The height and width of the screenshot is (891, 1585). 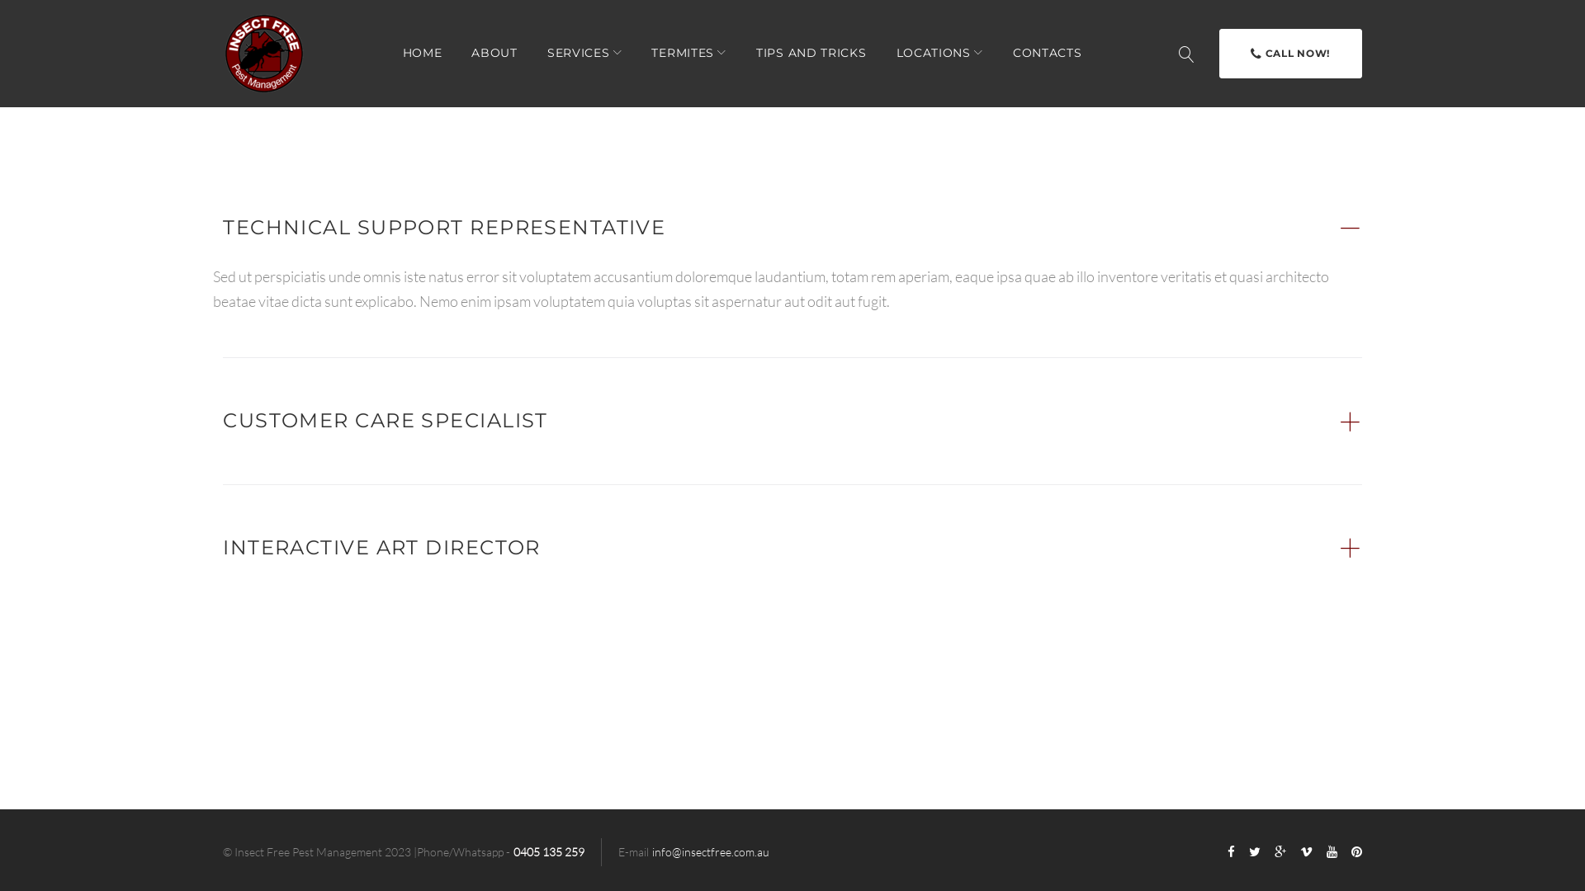 I want to click on 'CONTACTS', so click(x=1046, y=52).